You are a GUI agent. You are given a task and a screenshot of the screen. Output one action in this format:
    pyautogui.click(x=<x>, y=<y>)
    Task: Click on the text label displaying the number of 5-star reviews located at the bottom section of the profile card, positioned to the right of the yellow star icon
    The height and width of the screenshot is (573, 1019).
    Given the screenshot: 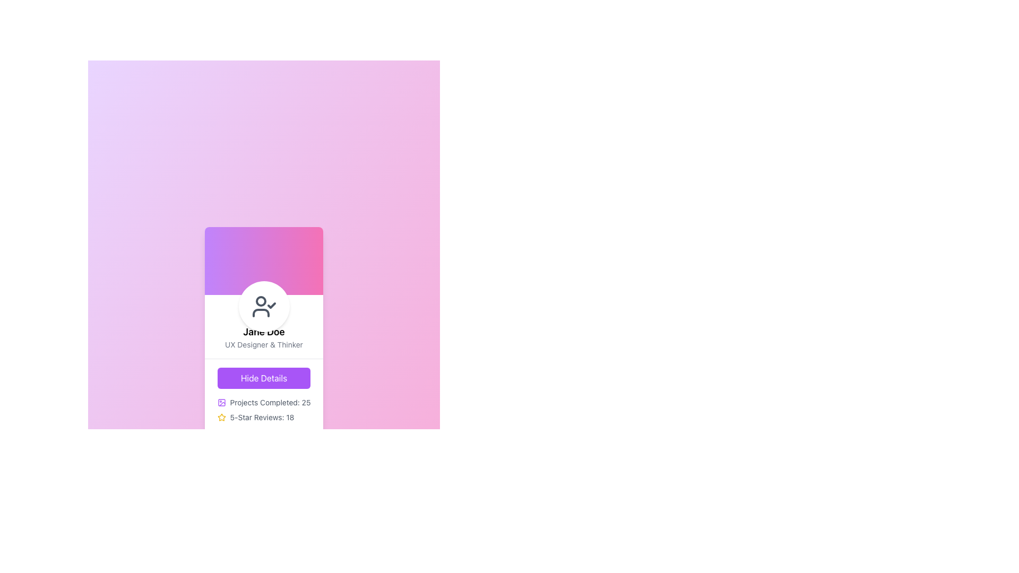 What is the action you would take?
    pyautogui.click(x=262, y=416)
    